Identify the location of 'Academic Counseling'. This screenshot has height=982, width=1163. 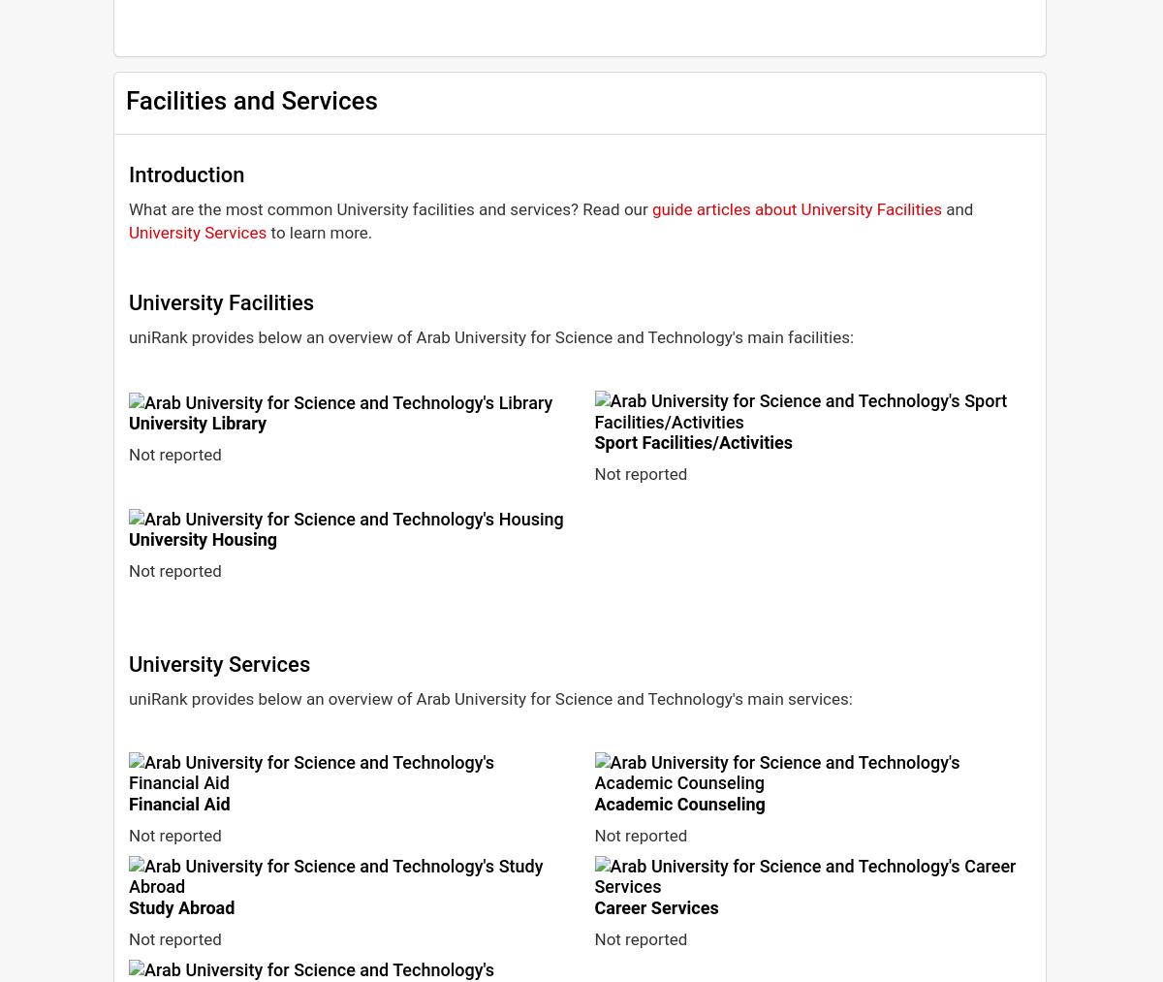
(679, 802).